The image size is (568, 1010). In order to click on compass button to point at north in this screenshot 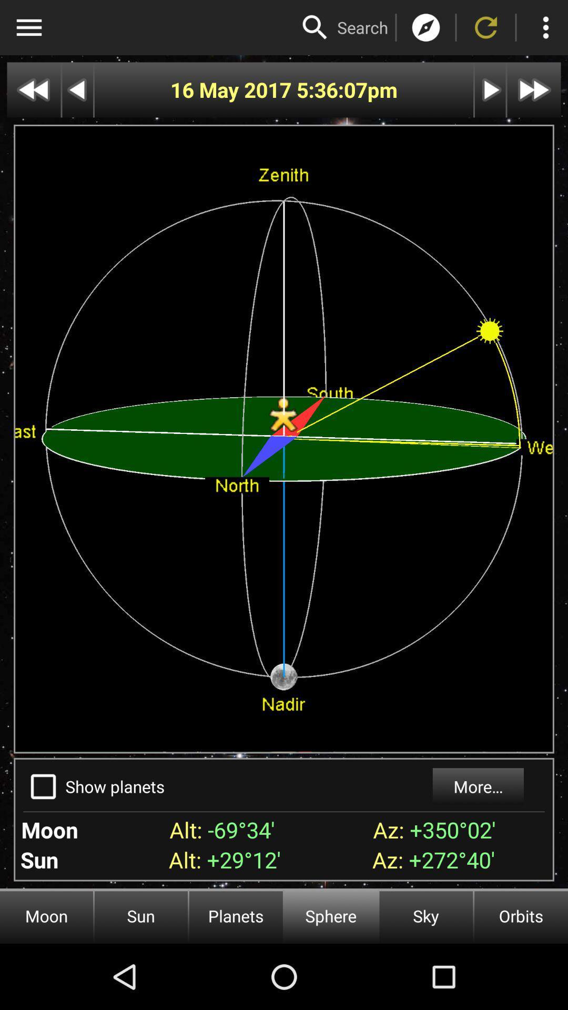, I will do `click(426, 27)`.